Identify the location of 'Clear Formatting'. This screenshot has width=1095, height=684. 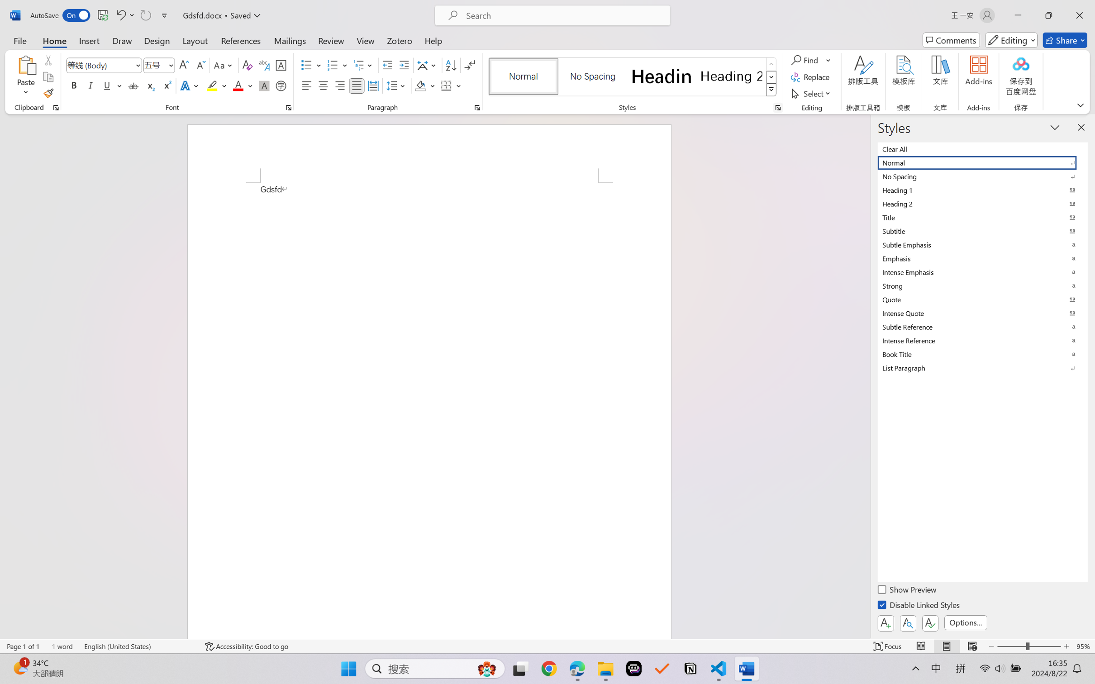
(247, 65).